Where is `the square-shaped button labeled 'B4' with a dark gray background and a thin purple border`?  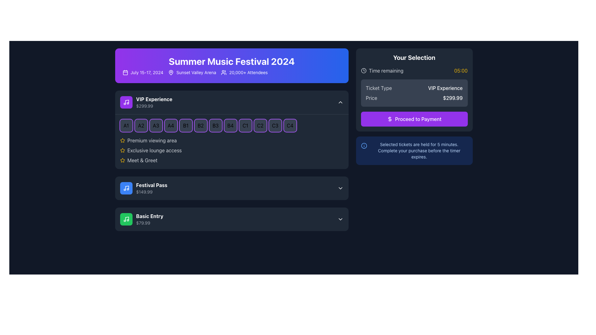
the square-shaped button labeled 'B4' with a dark gray background and a thin purple border is located at coordinates (230, 126).